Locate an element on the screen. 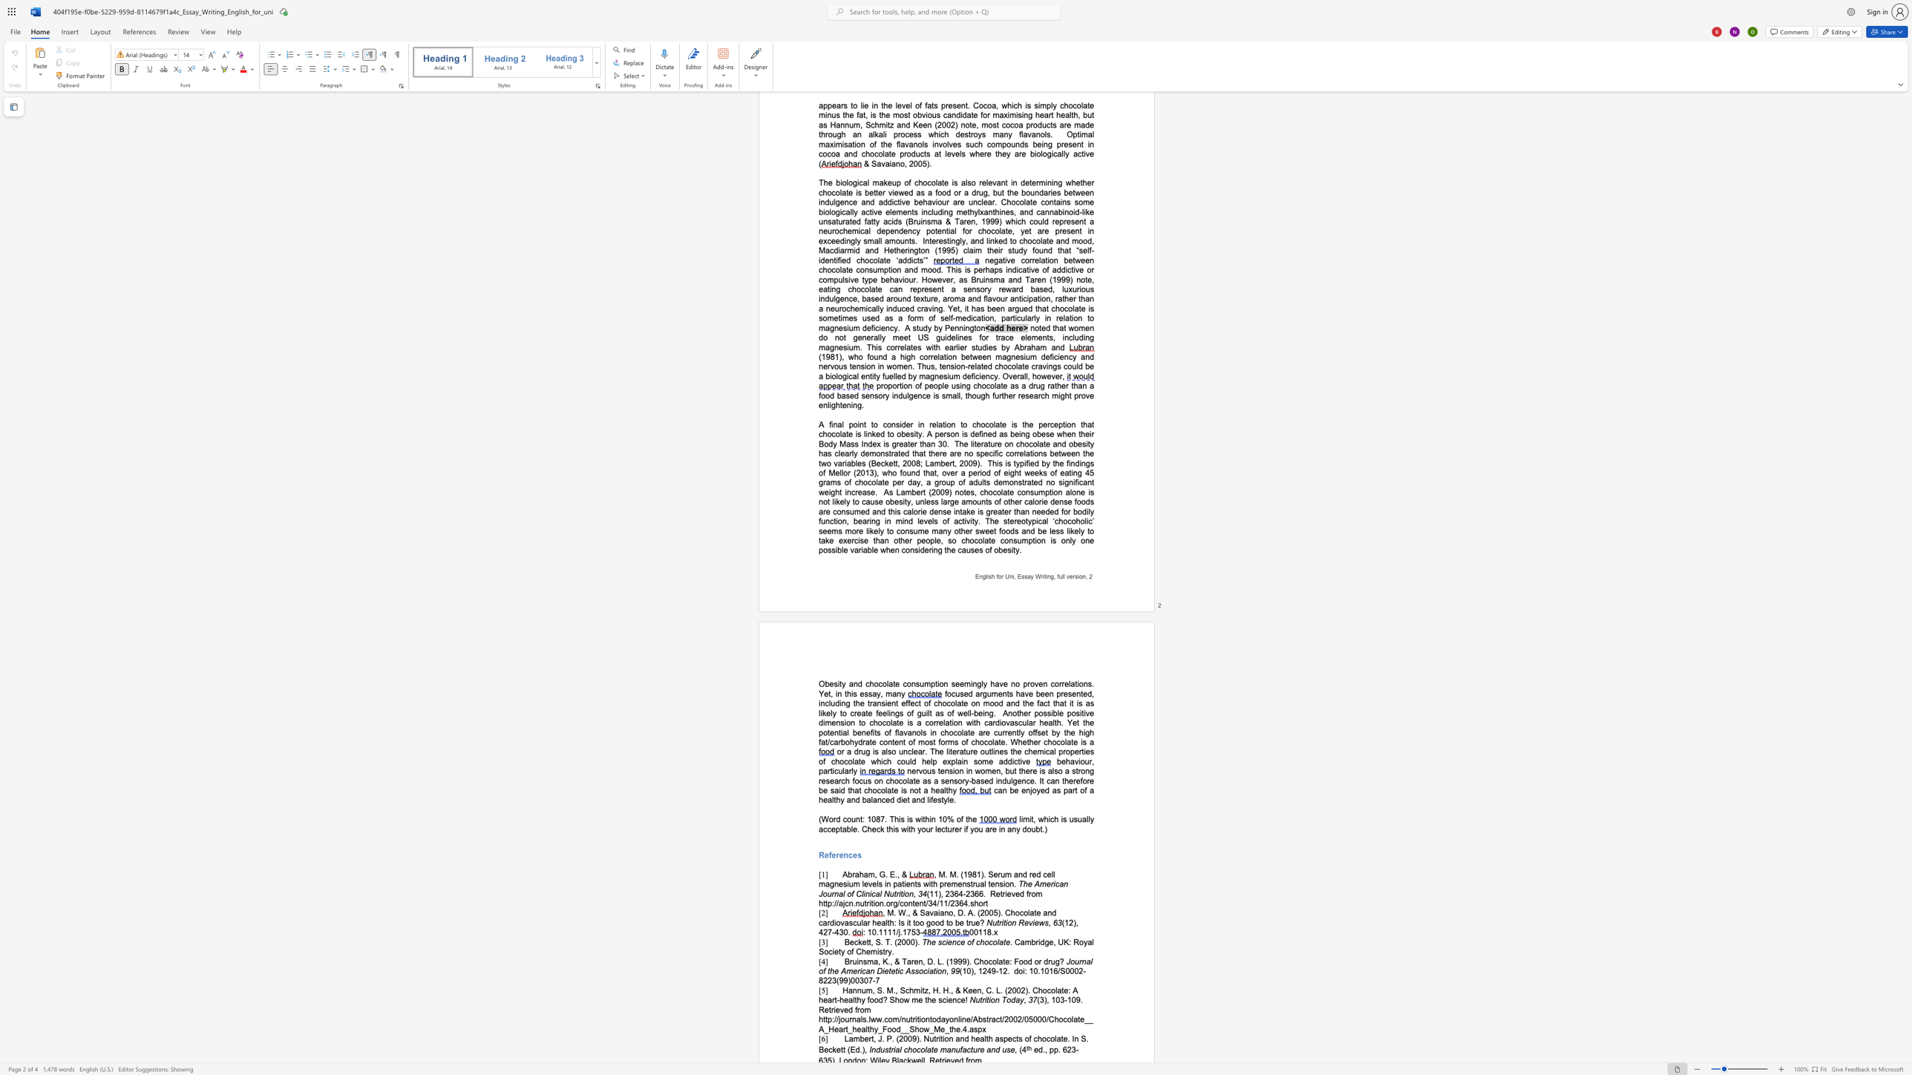 This screenshot has width=1912, height=1075. the subset text "nten" within the text "Retrieved from http://ajcn.nutrition.org/content/34/11/2364.short" is located at coordinates (908, 904).